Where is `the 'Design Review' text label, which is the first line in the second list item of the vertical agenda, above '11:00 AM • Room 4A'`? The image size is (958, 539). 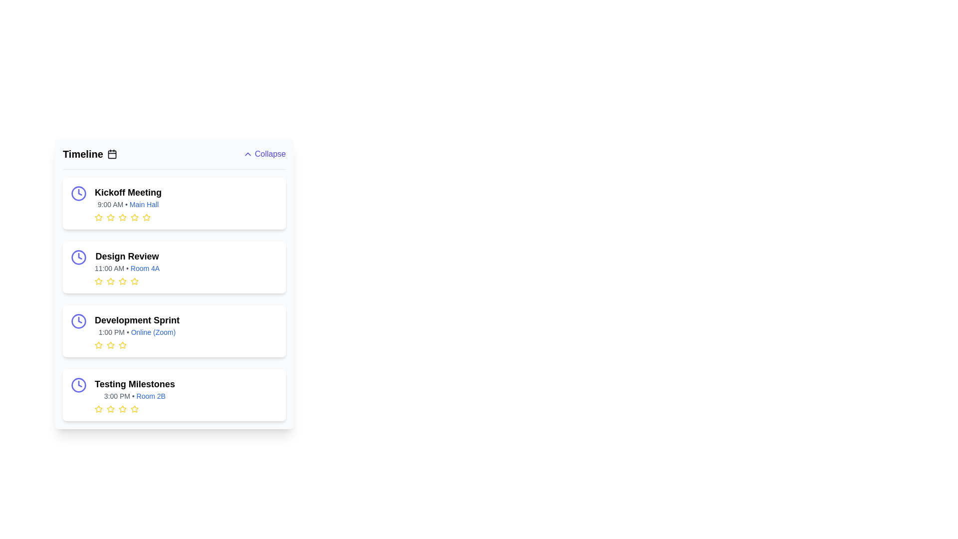
the 'Design Review' text label, which is the first line in the second list item of the vertical agenda, above '11:00 AM • Room 4A' is located at coordinates (127, 256).